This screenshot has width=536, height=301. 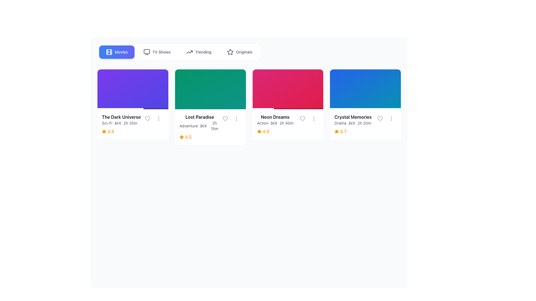 I want to click on rating value displayed as '4.5' in a medium font weight with a yellowish-orange color, located next to a star icon under the 'Lost Paradise' title, so click(x=188, y=137).